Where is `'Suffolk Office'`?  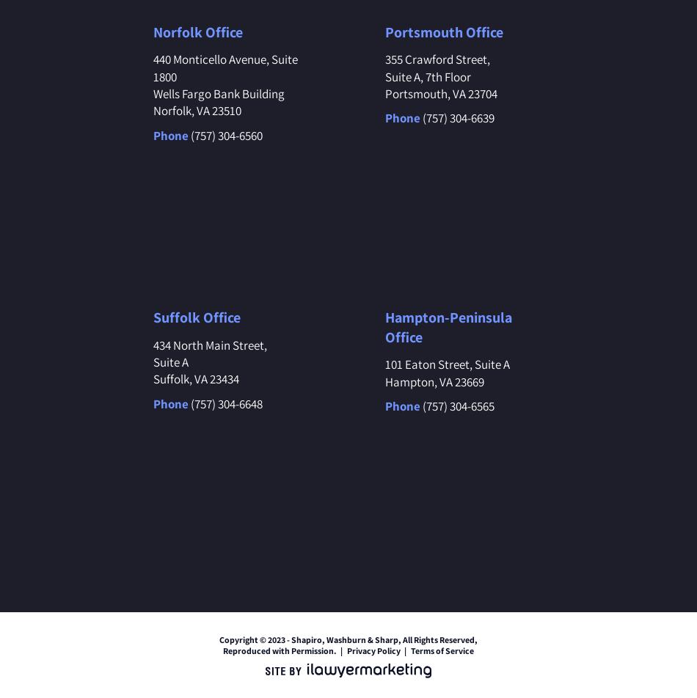
'Suffolk Office' is located at coordinates (195, 317).